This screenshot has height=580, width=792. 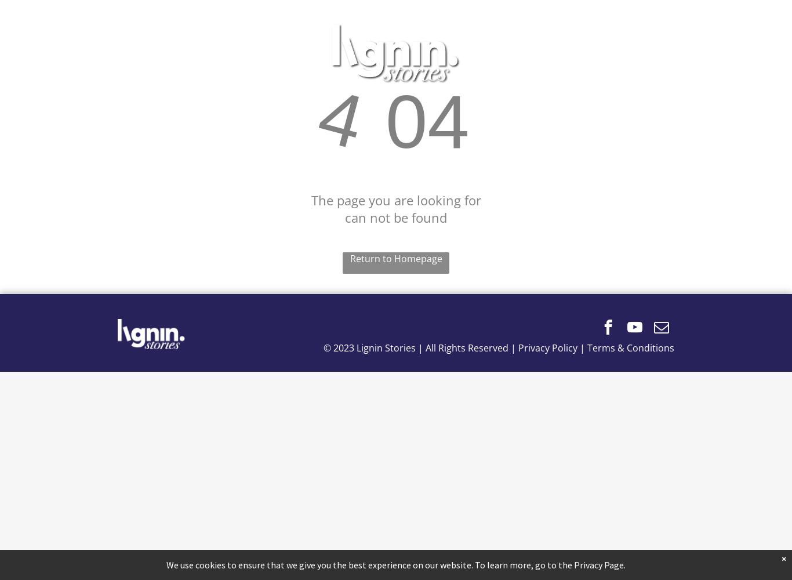 What do you see at coordinates (554, 53) in the screenshot?
I see `'COACHING'` at bounding box center [554, 53].